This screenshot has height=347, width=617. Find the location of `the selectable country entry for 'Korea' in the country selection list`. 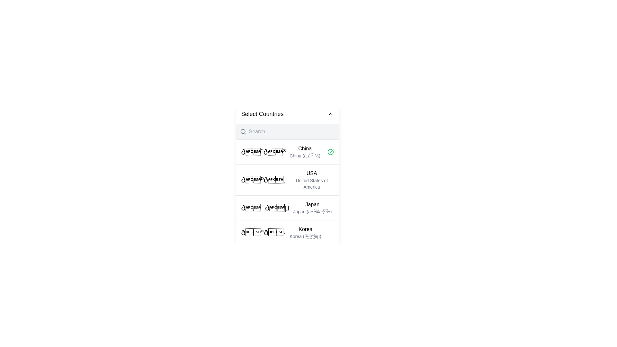

the selectable country entry for 'Korea' in the country selection list is located at coordinates (305, 233).